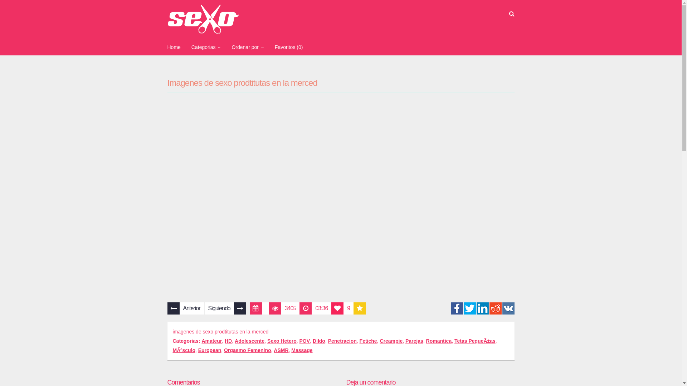  Describe the element at coordinates (304, 340) in the screenshot. I see `'POV'` at that location.